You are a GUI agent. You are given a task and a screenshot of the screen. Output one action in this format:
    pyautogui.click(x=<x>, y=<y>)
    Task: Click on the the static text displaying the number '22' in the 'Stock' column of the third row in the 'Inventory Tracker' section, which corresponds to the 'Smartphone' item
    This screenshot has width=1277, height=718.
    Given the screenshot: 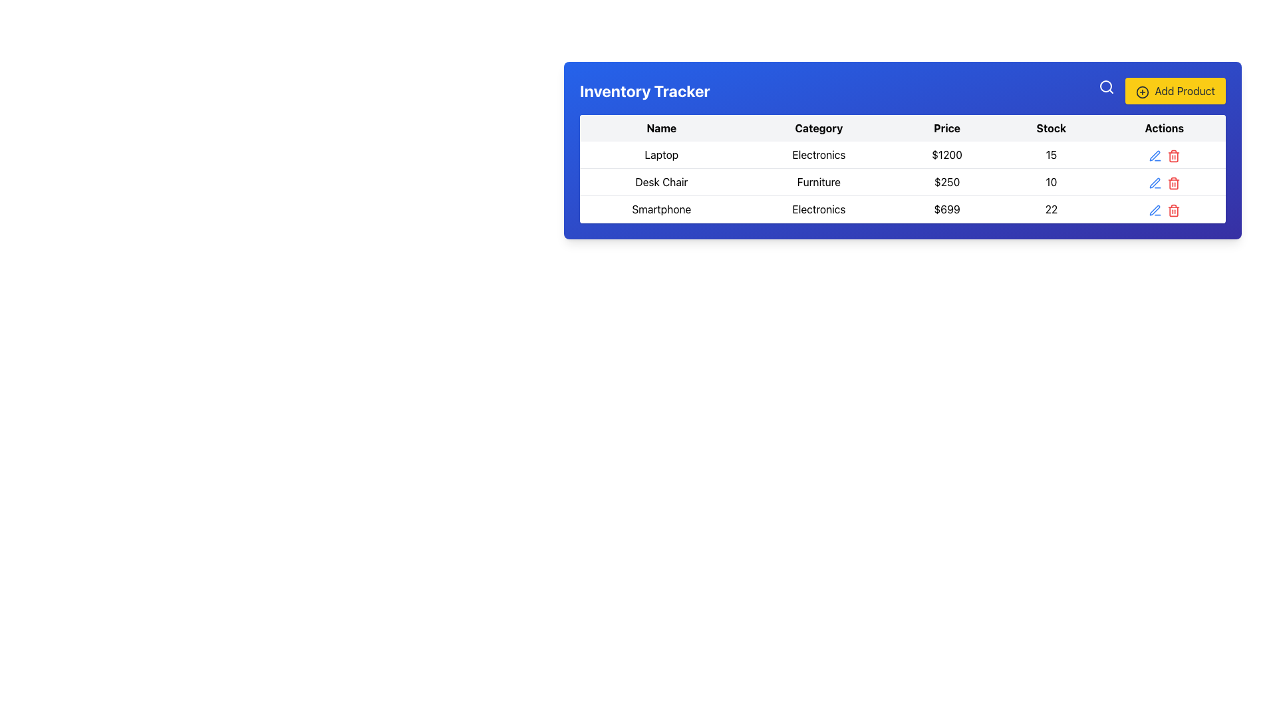 What is the action you would take?
    pyautogui.click(x=1050, y=209)
    